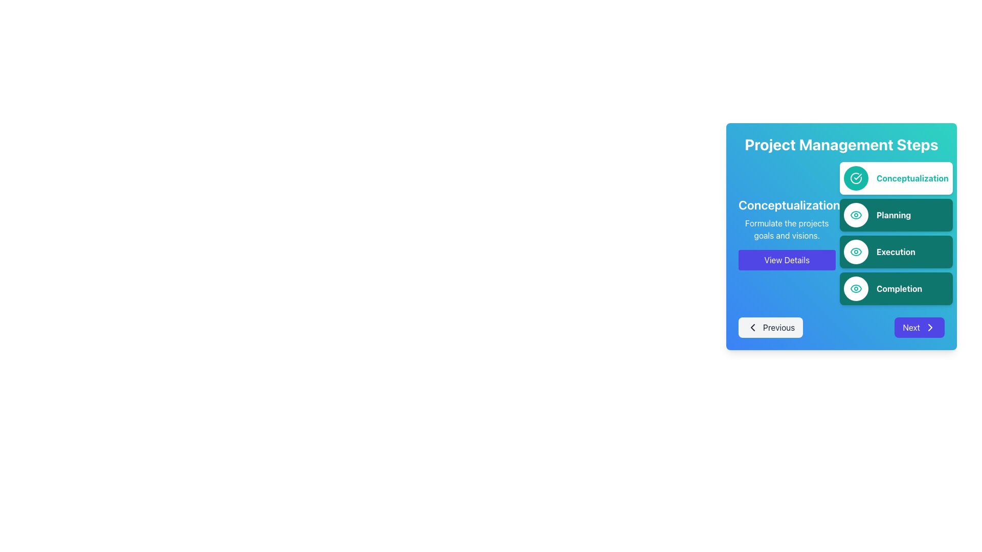  Describe the element at coordinates (753, 327) in the screenshot. I see `the 'Previous' button that contains the left-facing chevron icon used for previous navigation` at that location.